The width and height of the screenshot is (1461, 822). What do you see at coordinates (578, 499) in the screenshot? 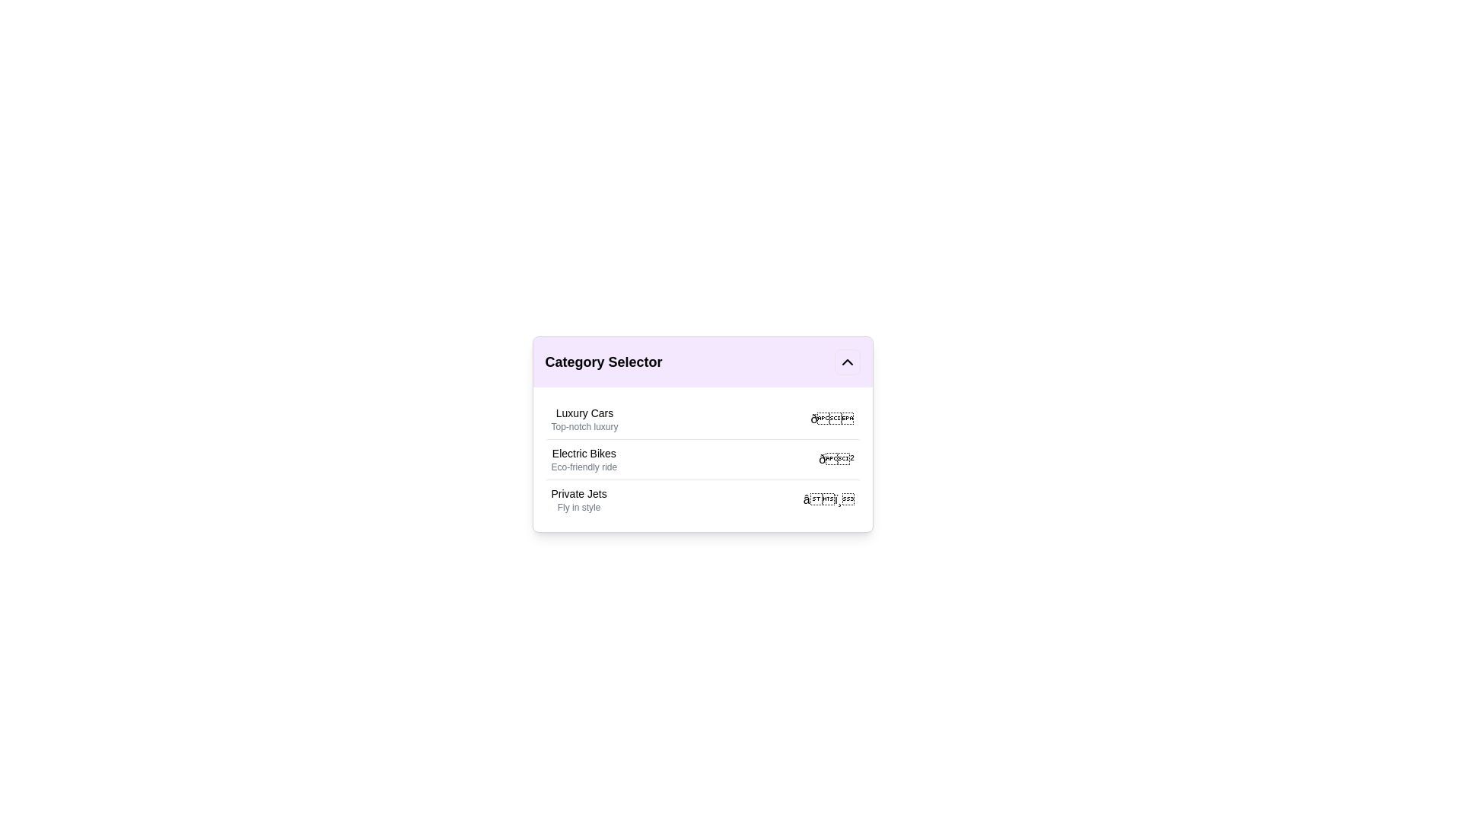
I see `to select the 'Private Jets' category, which is the third item in the vertical list under the 'Category Selector' section, positioned between 'Electric Bikes' and the last icon` at bounding box center [578, 499].